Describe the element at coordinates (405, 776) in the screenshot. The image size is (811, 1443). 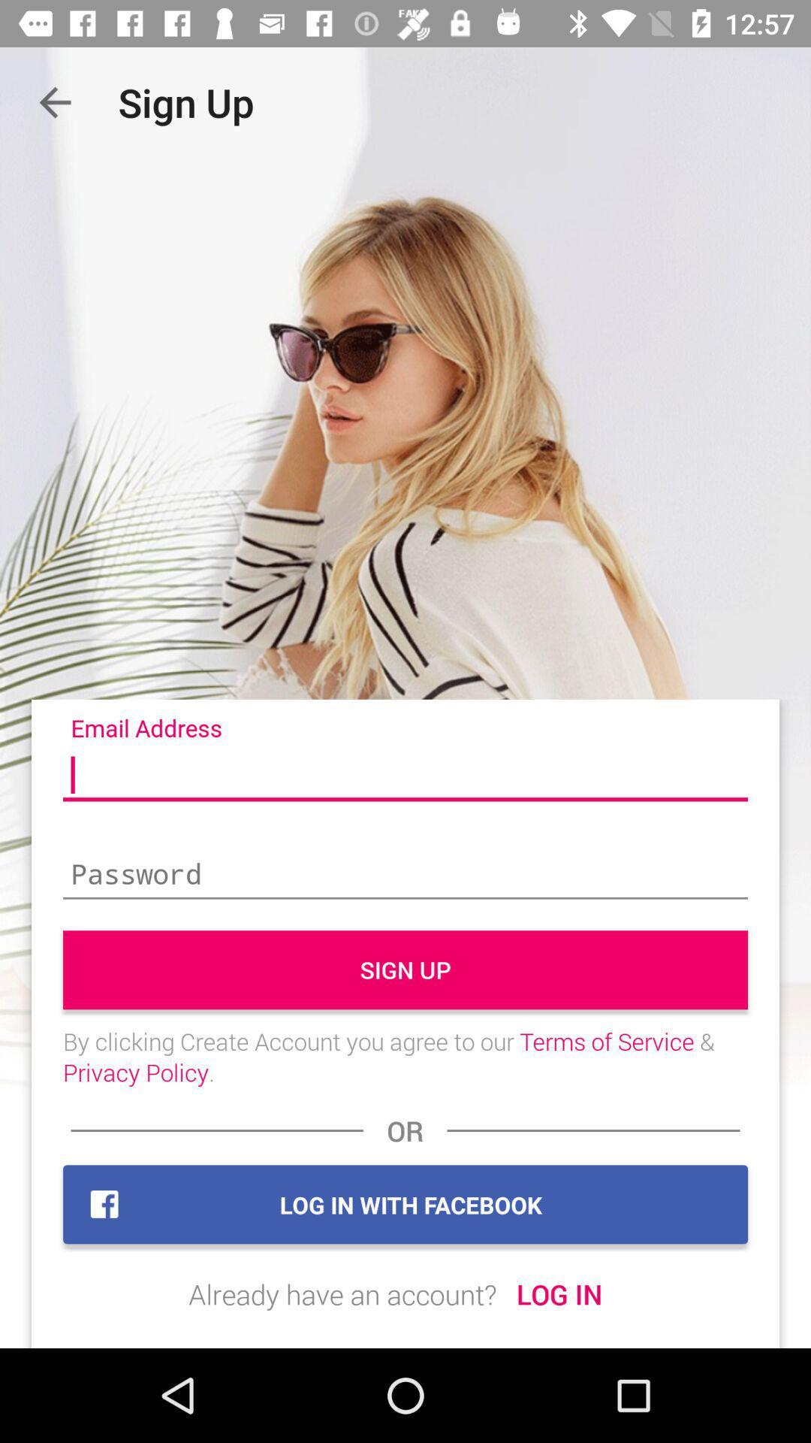
I see `e-mail address` at that location.